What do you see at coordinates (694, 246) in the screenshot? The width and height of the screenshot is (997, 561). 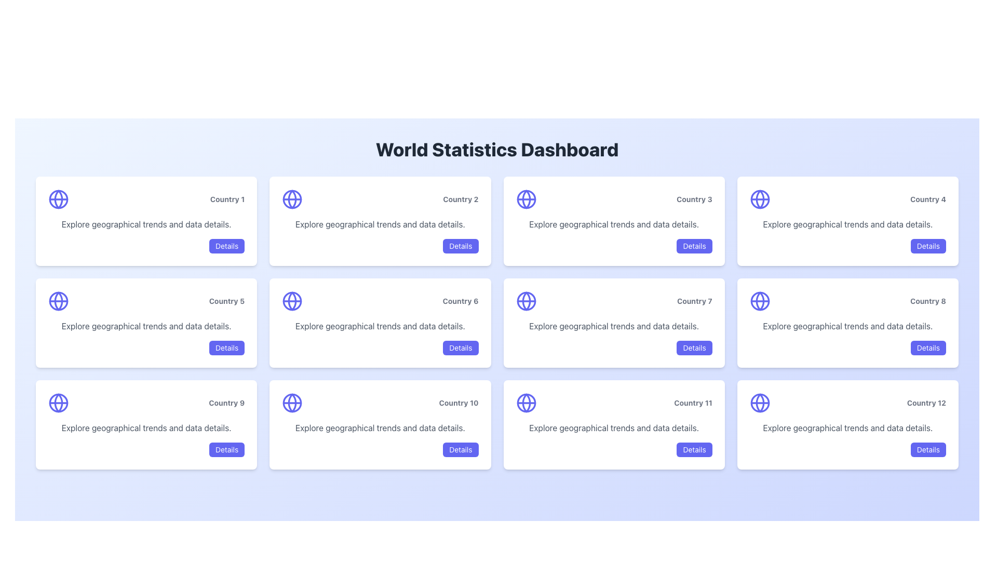 I see `the button located at the bottom right corner of the card labeled 'Country 3', which is the second card in the second row of a grid layout` at bounding box center [694, 246].